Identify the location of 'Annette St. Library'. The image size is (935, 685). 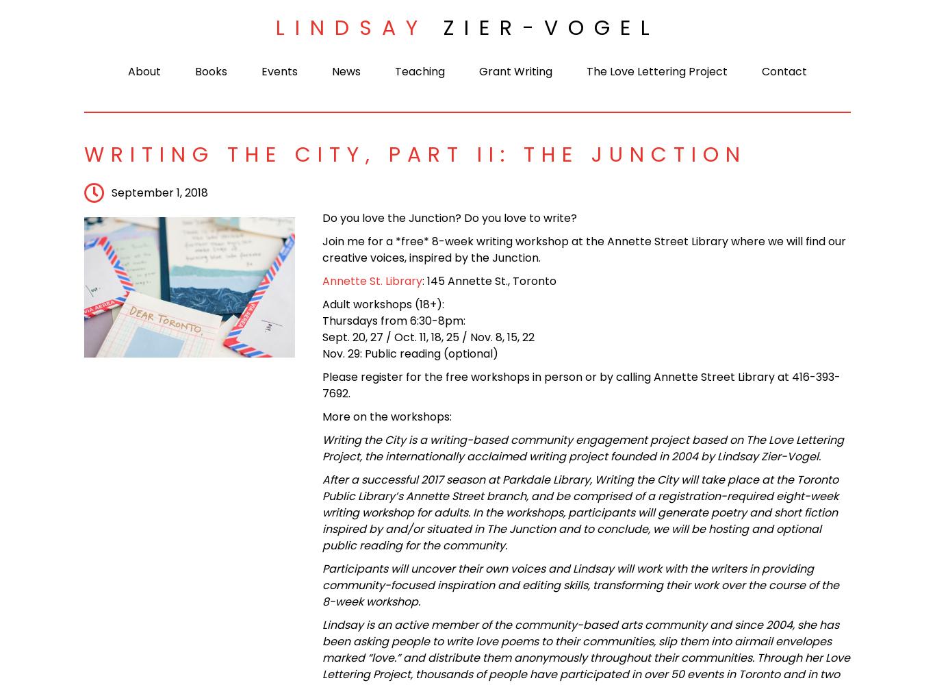
(322, 281).